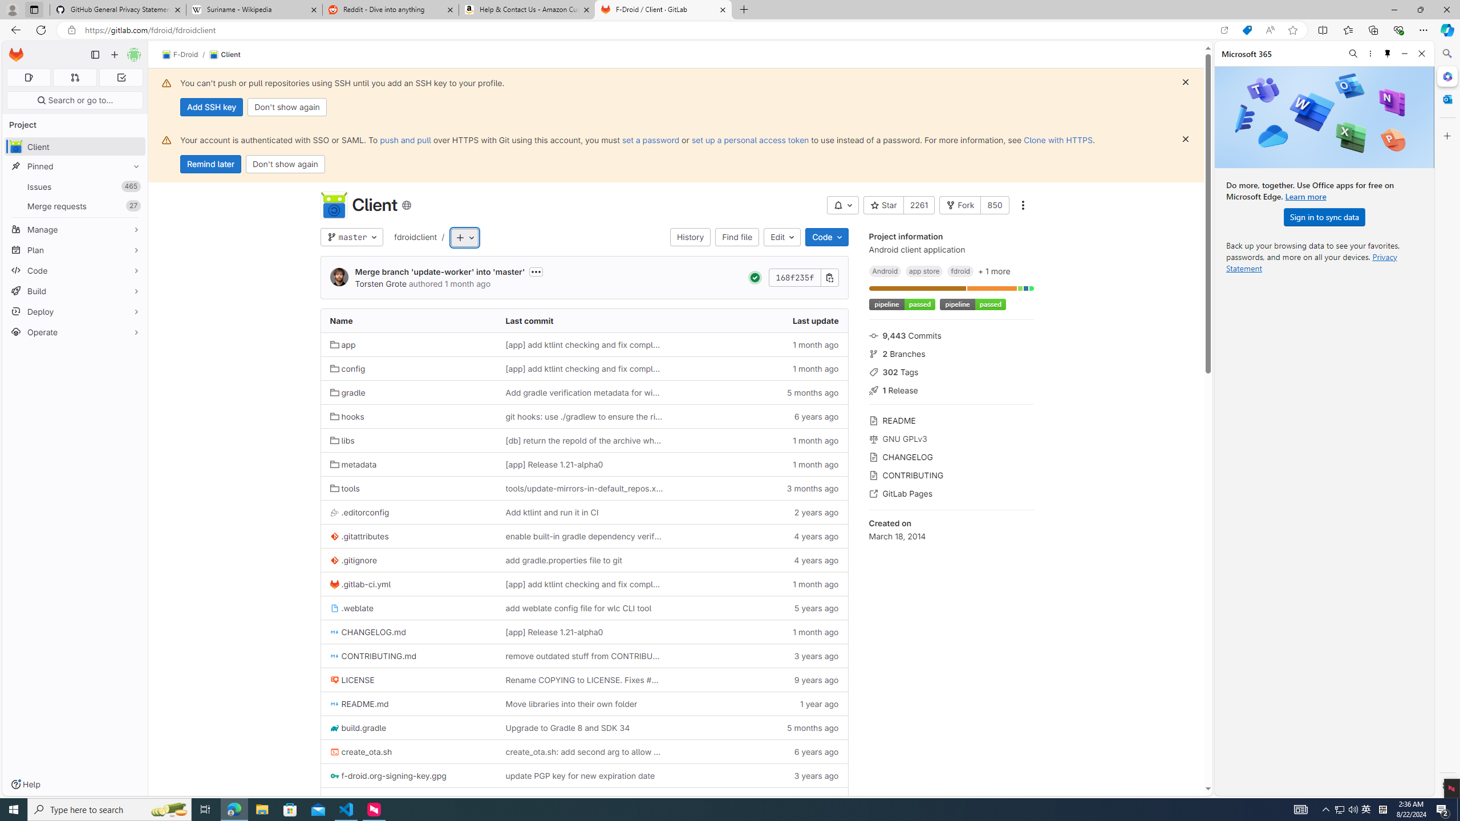 The height and width of the screenshot is (821, 1460). Describe the element at coordinates (353, 465) in the screenshot. I see `'metadata'` at that location.